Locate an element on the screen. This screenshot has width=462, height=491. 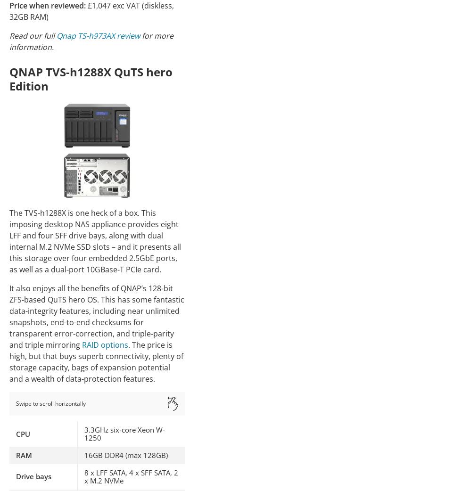
'. The price is high, but that buys superb connectivity, plenty of storage capacity, bags of expansion potential and a wealth of data-protection features.' is located at coordinates (96, 361).